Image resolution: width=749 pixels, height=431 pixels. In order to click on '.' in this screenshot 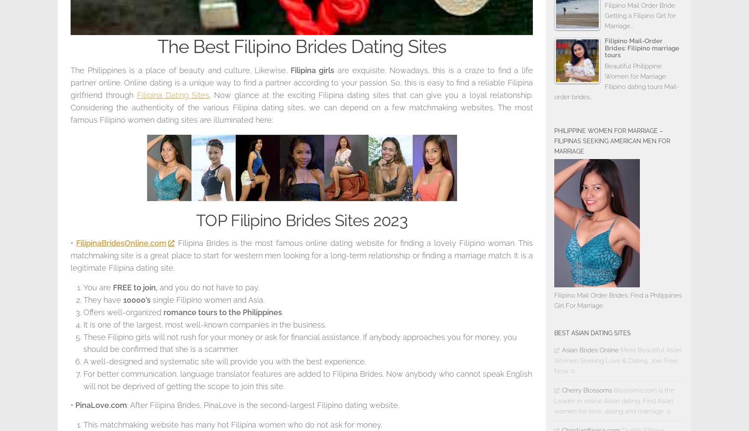, I will do `click(282, 312)`.